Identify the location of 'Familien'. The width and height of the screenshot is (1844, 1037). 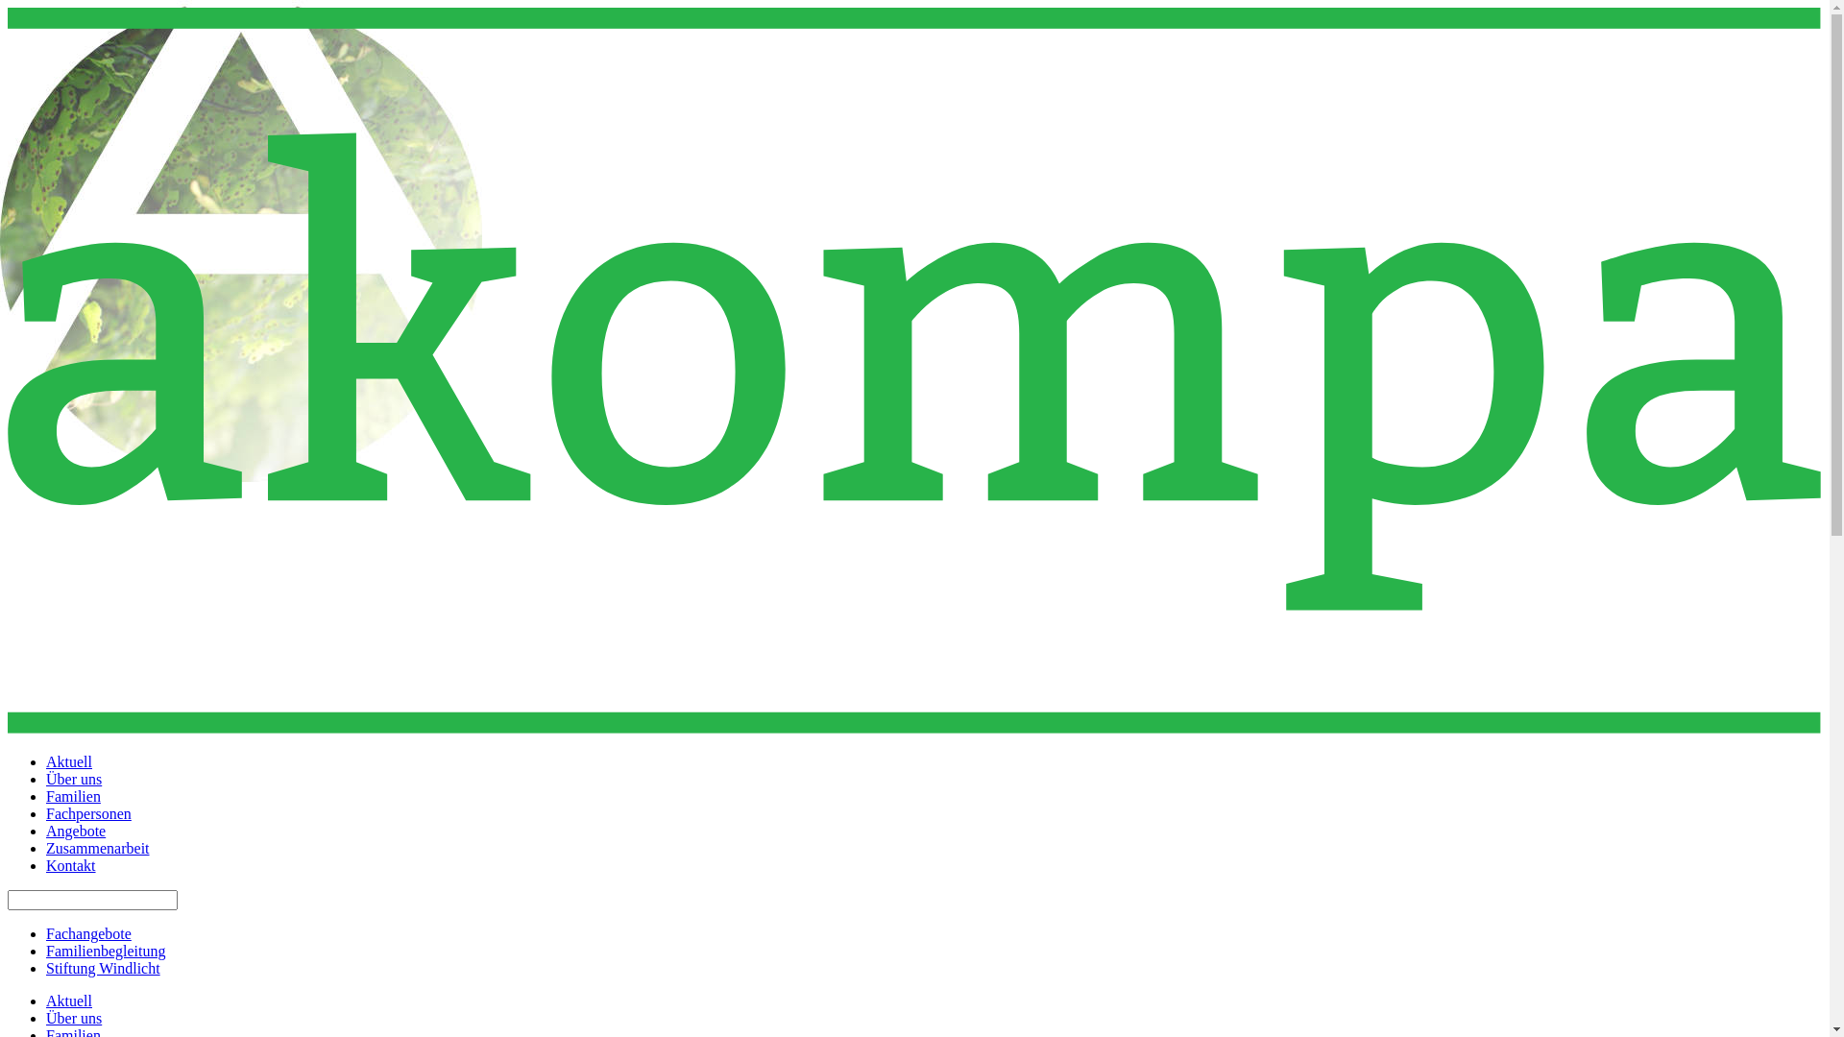
(73, 796).